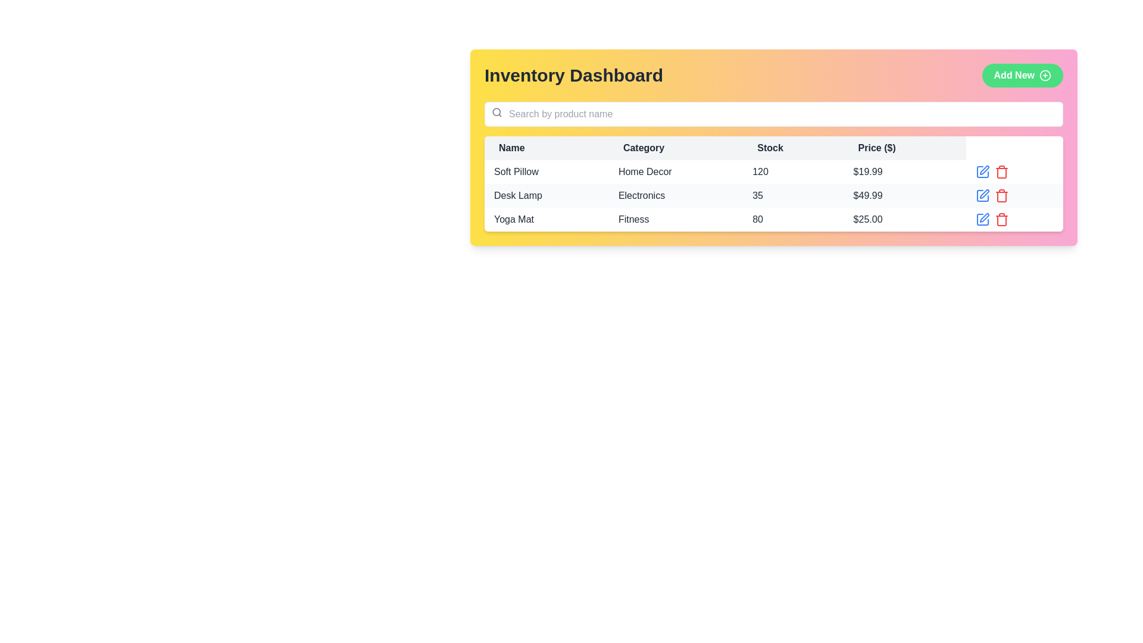  What do you see at coordinates (774, 148) in the screenshot?
I see `the third column header of the table named 'Stock', which categorizes the data in the corresponding column below` at bounding box center [774, 148].